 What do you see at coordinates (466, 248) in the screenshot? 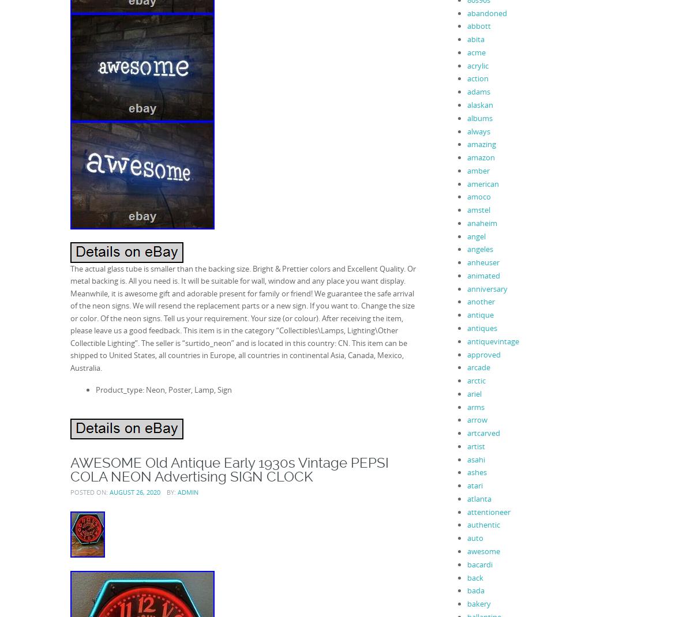
I see `'angeles'` at bounding box center [466, 248].